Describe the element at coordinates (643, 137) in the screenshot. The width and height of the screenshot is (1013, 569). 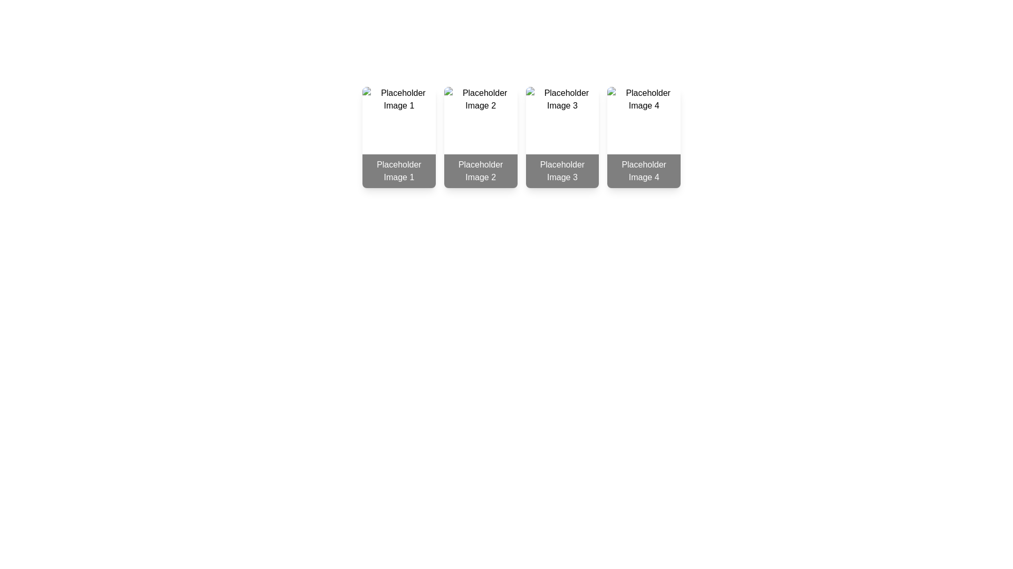
I see `the fourth Image Card` at that location.